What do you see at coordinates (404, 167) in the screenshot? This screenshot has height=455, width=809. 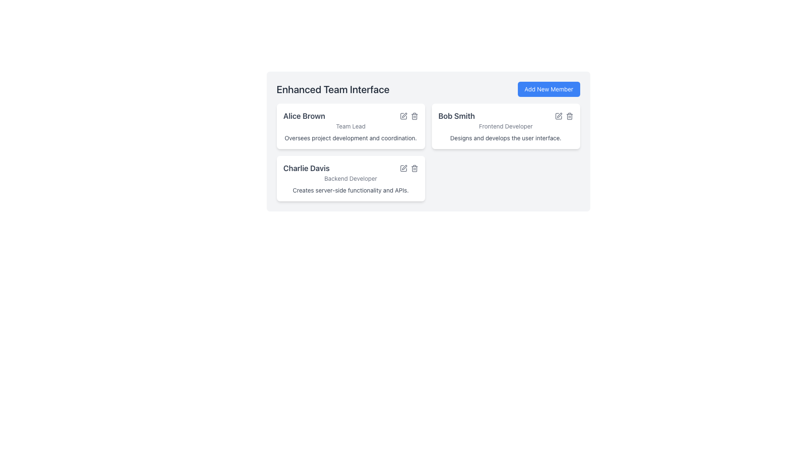 I see `the edit icon button located in the top-right corner of the 'Charlie Davis' card` at bounding box center [404, 167].